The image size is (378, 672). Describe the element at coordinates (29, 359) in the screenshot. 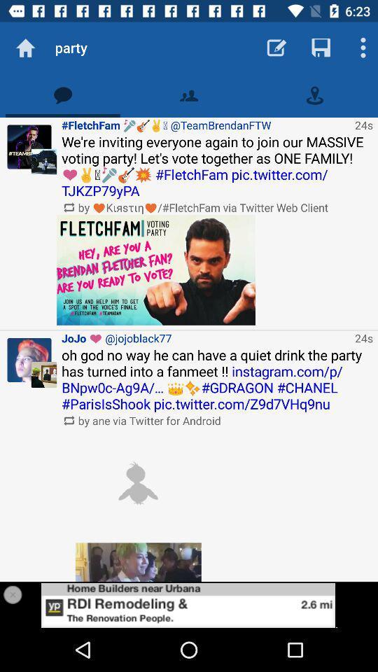

I see `open user 's profile` at that location.